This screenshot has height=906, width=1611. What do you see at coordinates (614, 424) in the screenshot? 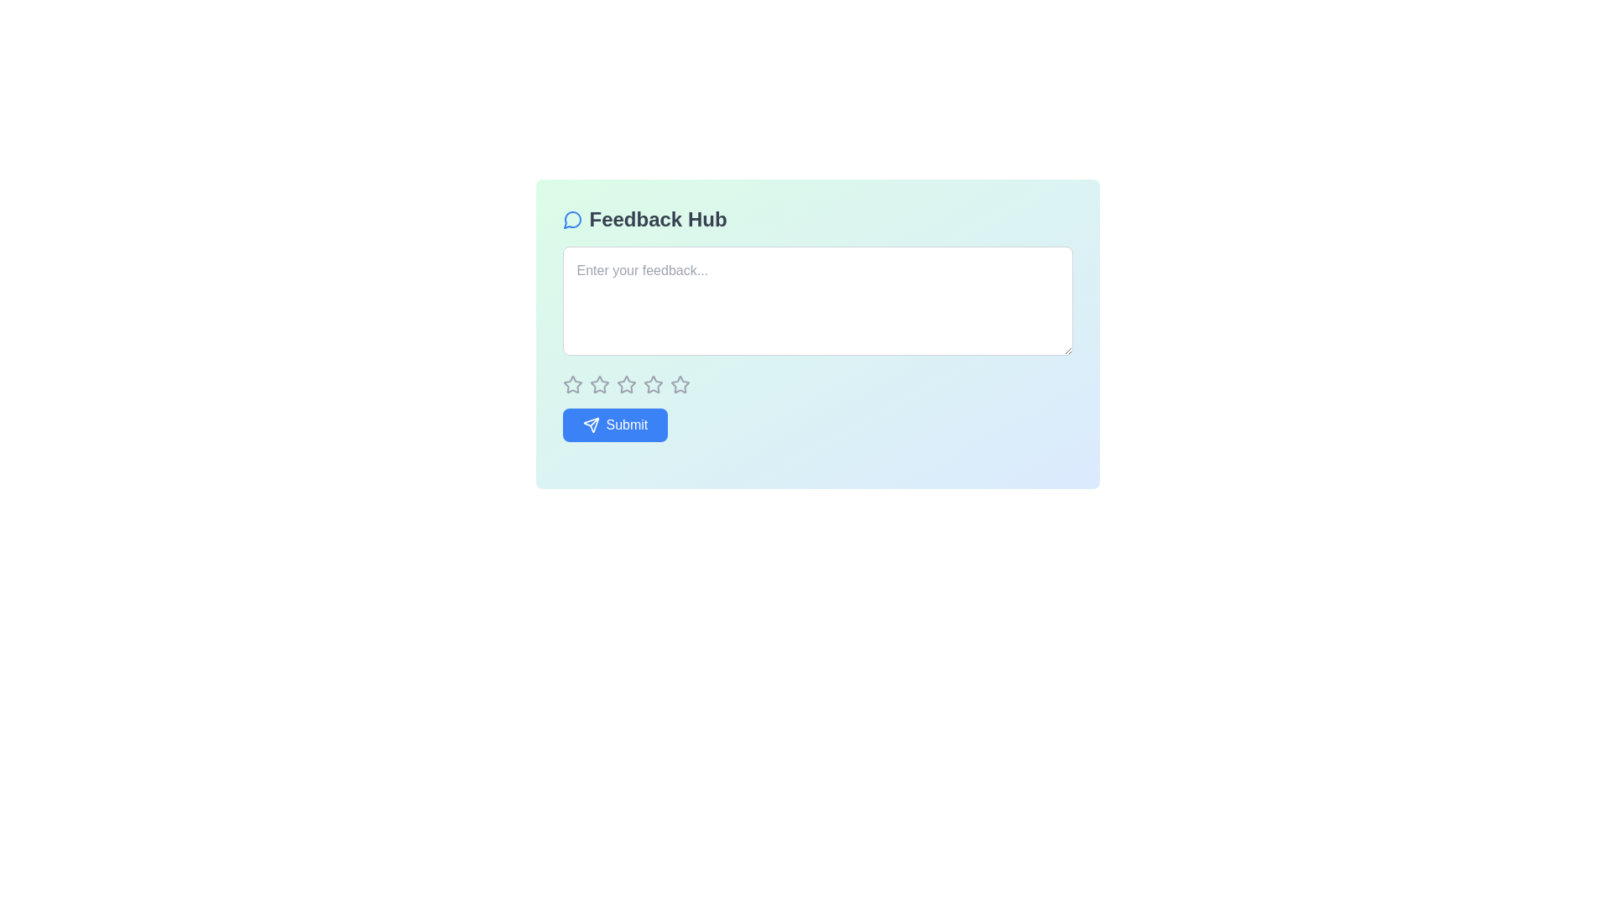
I see `the 'Submit' button, which is a rectangular button with a blue background and white text, featuring an icon of a paper plane to the left of the text, located in the bottom-left corner of the feedback form` at bounding box center [614, 424].